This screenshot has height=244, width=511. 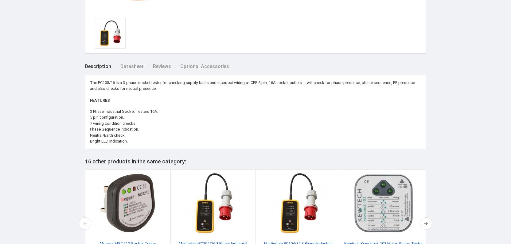 I want to click on '16 other products in the same category:', so click(x=135, y=161).